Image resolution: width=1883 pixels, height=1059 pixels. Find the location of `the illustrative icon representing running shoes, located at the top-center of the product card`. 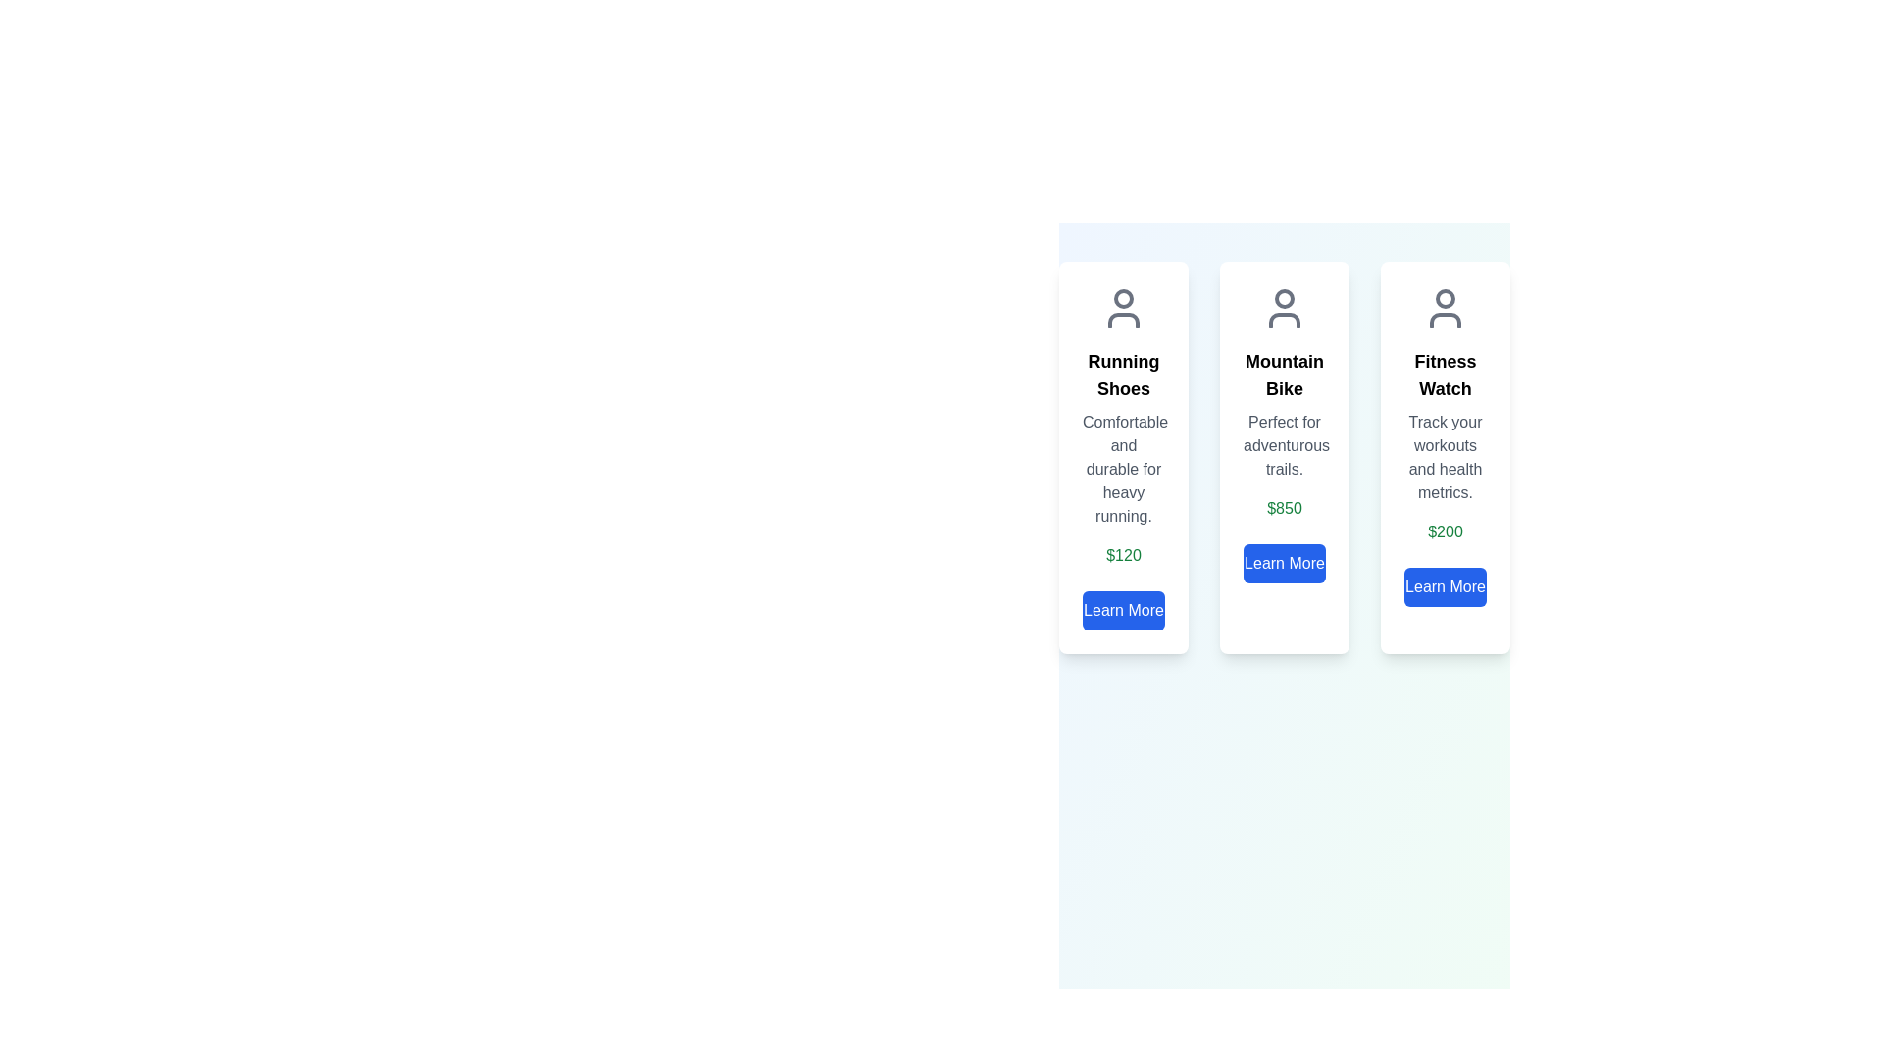

the illustrative icon representing running shoes, located at the top-center of the product card is located at coordinates (1124, 309).